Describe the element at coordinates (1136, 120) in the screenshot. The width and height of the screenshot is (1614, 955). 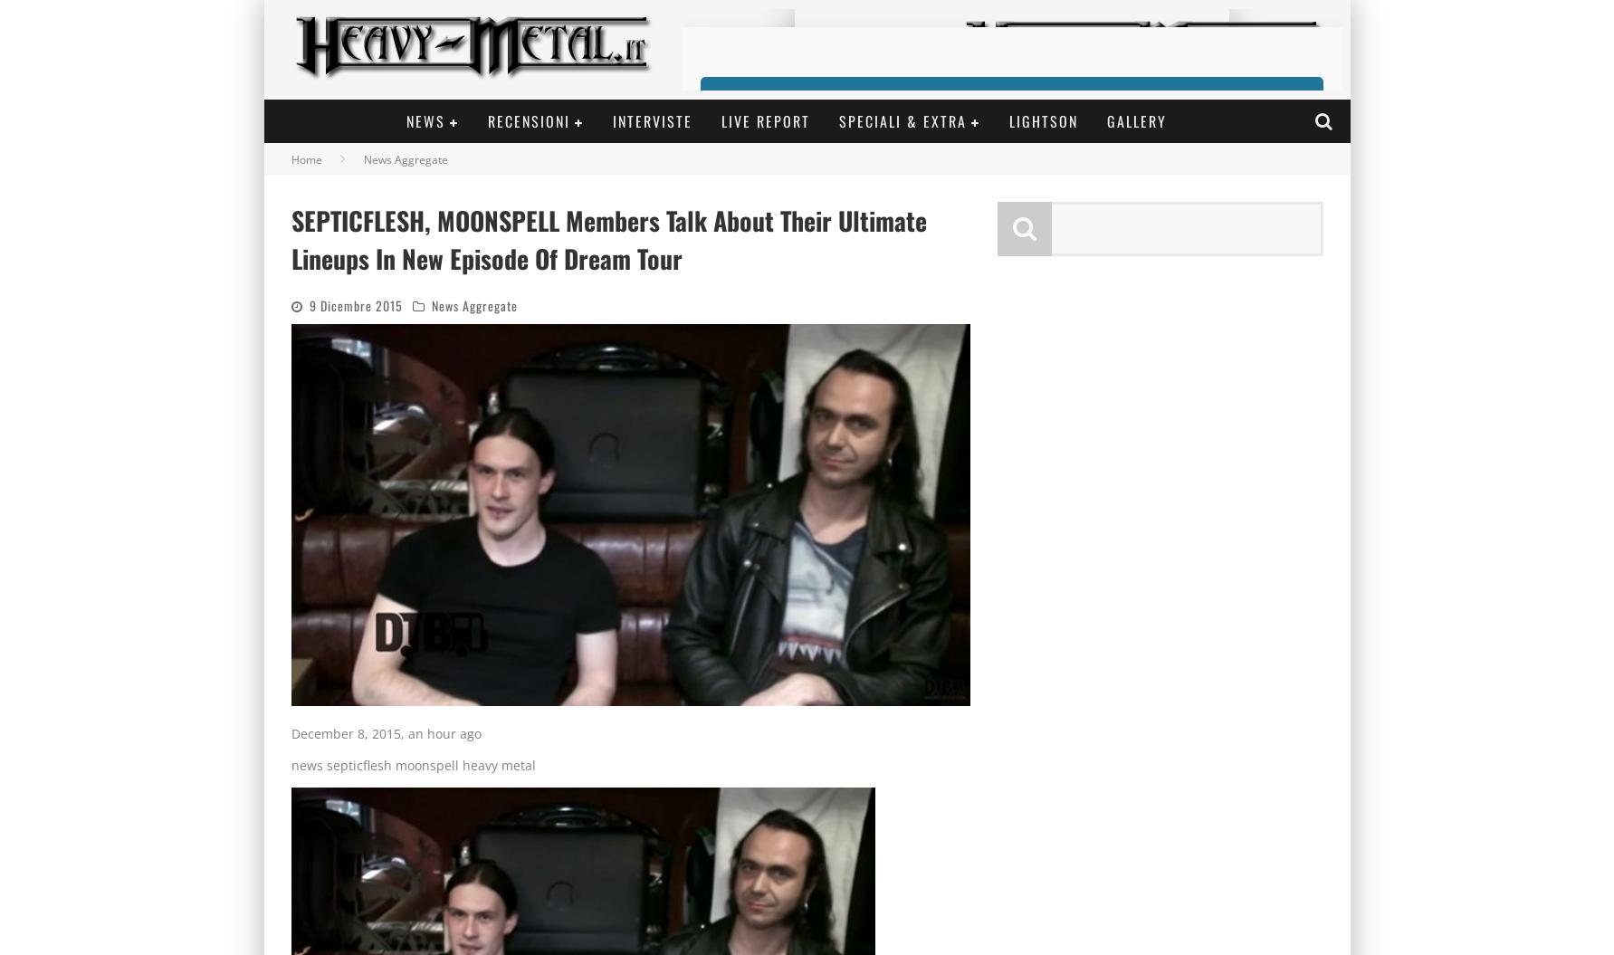
I see `'Gallery'` at that location.